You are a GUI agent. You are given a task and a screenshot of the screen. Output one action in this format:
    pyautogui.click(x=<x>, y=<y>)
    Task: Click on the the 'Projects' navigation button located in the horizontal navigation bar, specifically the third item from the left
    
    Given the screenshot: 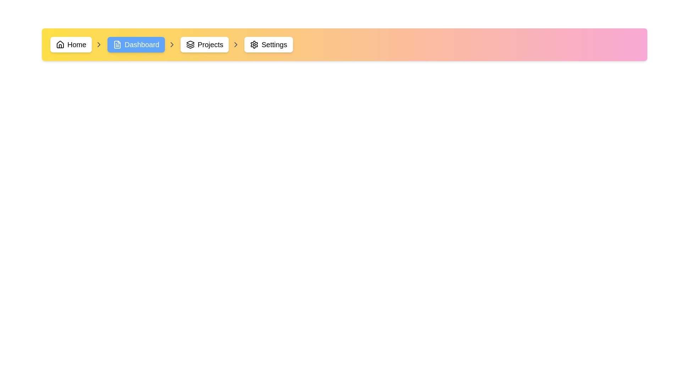 What is the action you would take?
    pyautogui.click(x=210, y=45)
    